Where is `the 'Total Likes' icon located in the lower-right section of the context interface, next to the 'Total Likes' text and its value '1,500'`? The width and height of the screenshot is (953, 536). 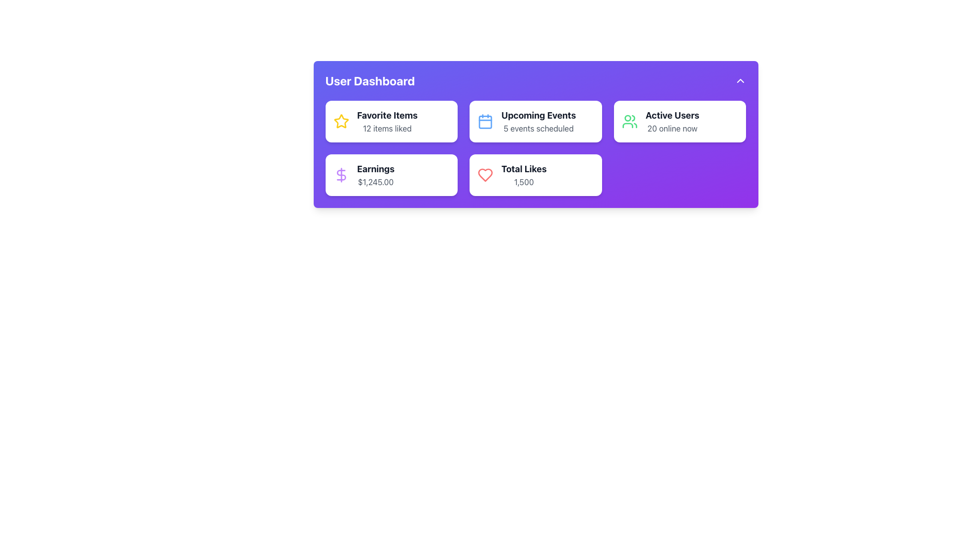
the 'Total Likes' icon located in the lower-right section of the context interface, next to the 'Total Likes' text and its value '1,500' is located at coordinates (485, 175).